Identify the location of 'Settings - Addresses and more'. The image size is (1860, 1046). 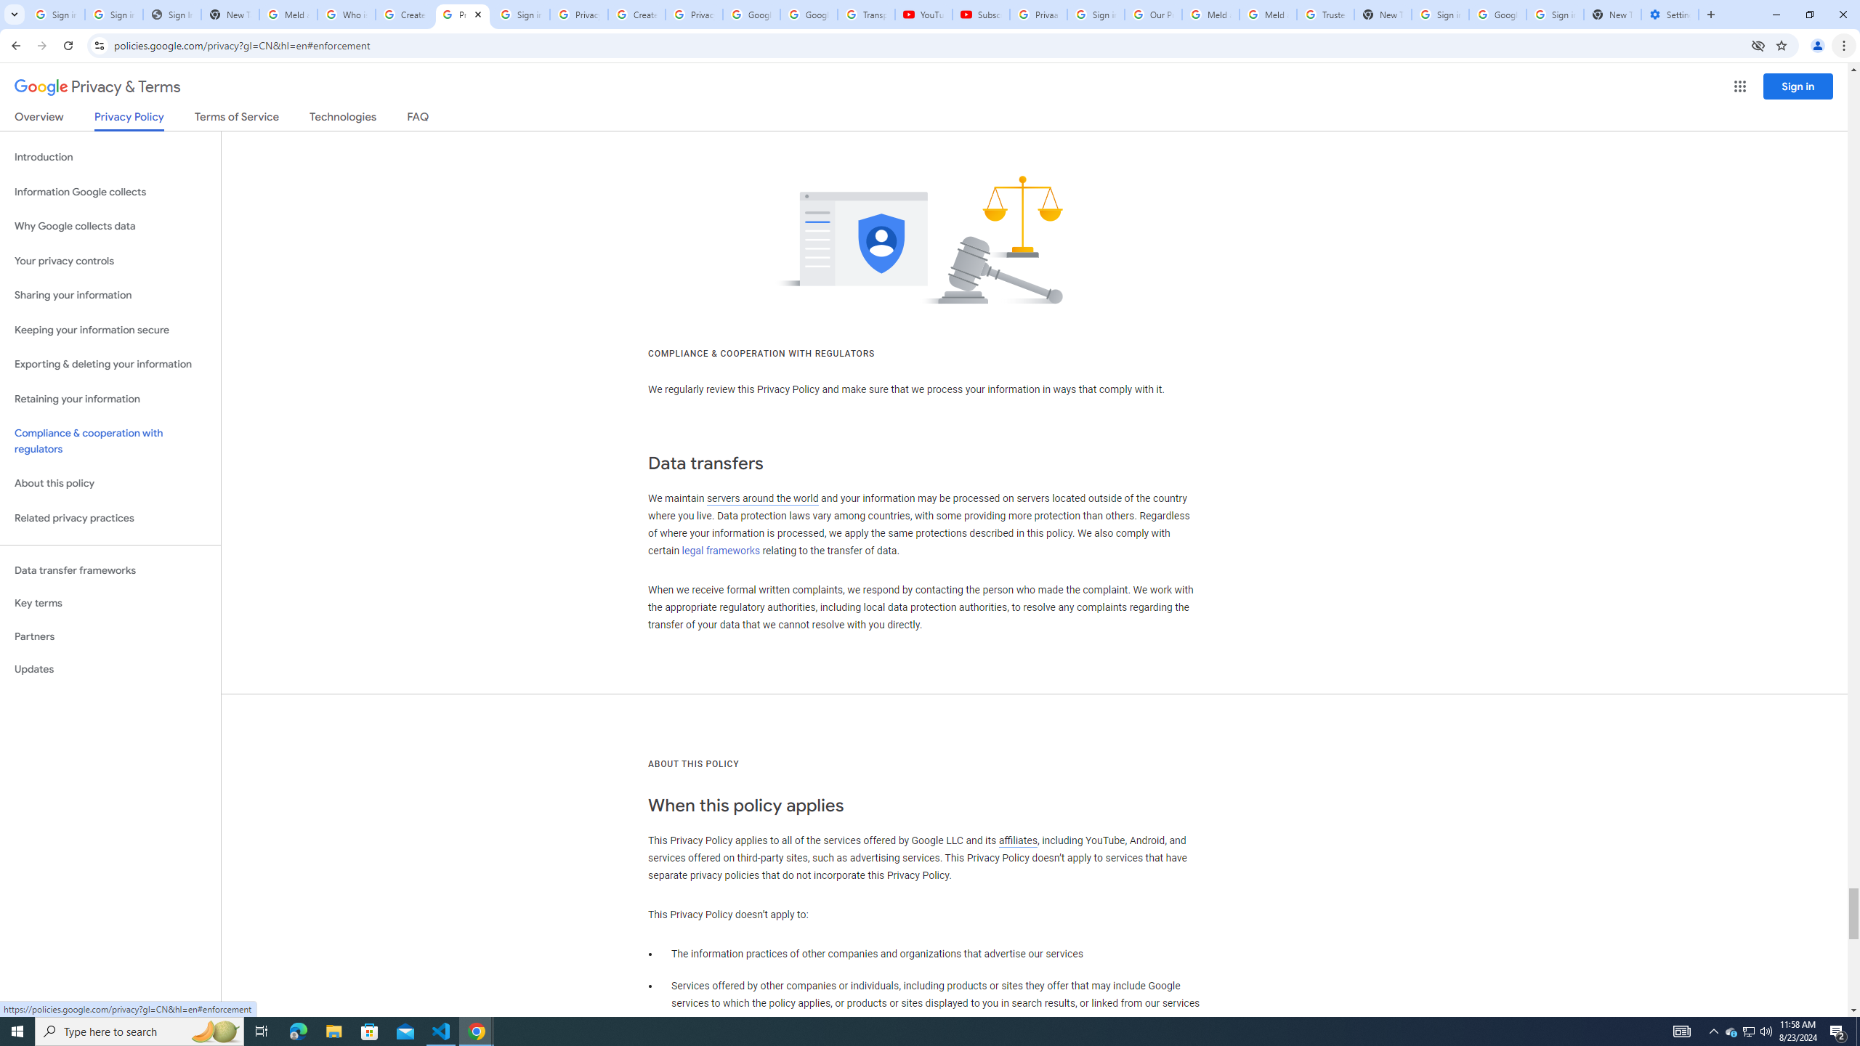
(1670, 14).